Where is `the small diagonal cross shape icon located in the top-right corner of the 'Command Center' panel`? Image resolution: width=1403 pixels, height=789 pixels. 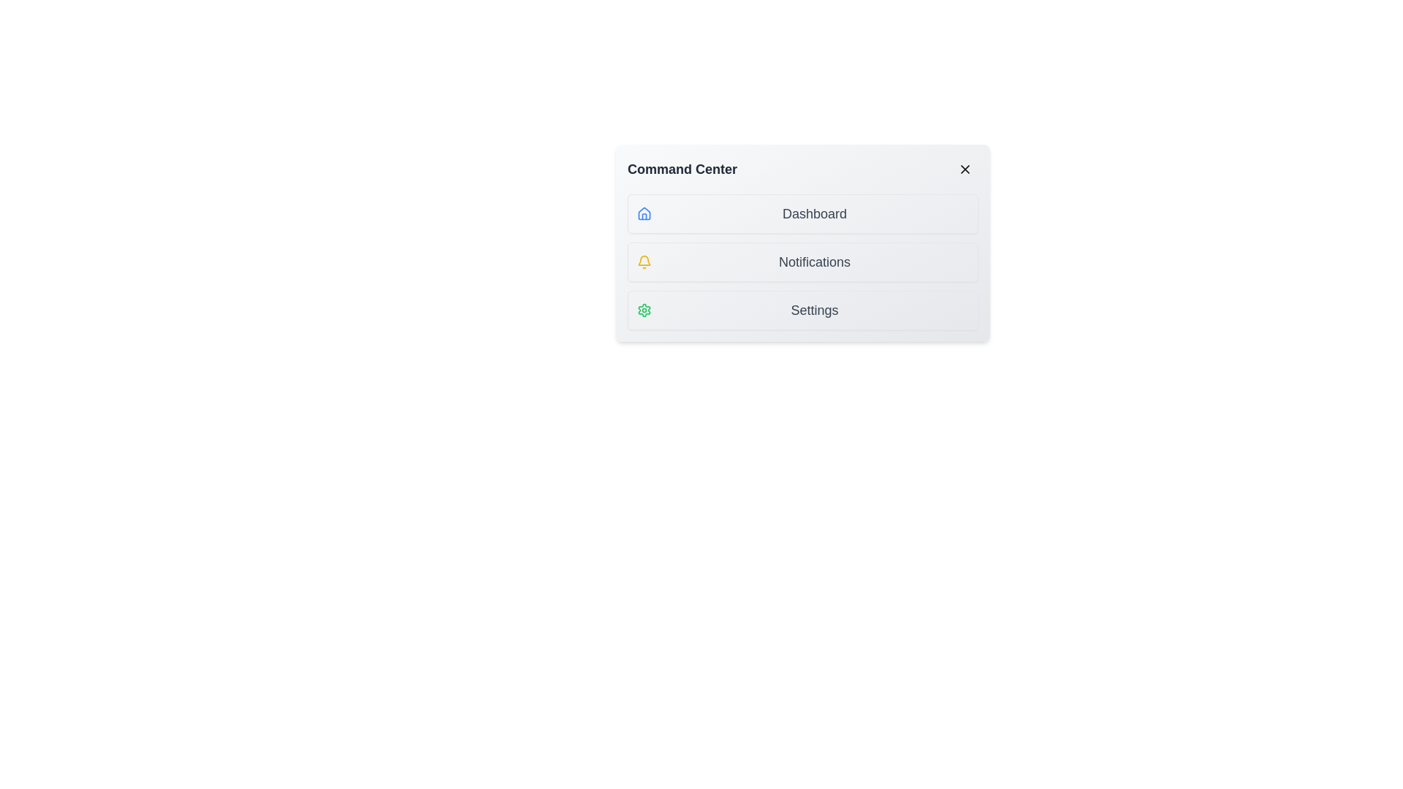
the small diagonal cross shape icon located in the top-right corner of the 'Command Center' panel is located at coordinates (965, 168).